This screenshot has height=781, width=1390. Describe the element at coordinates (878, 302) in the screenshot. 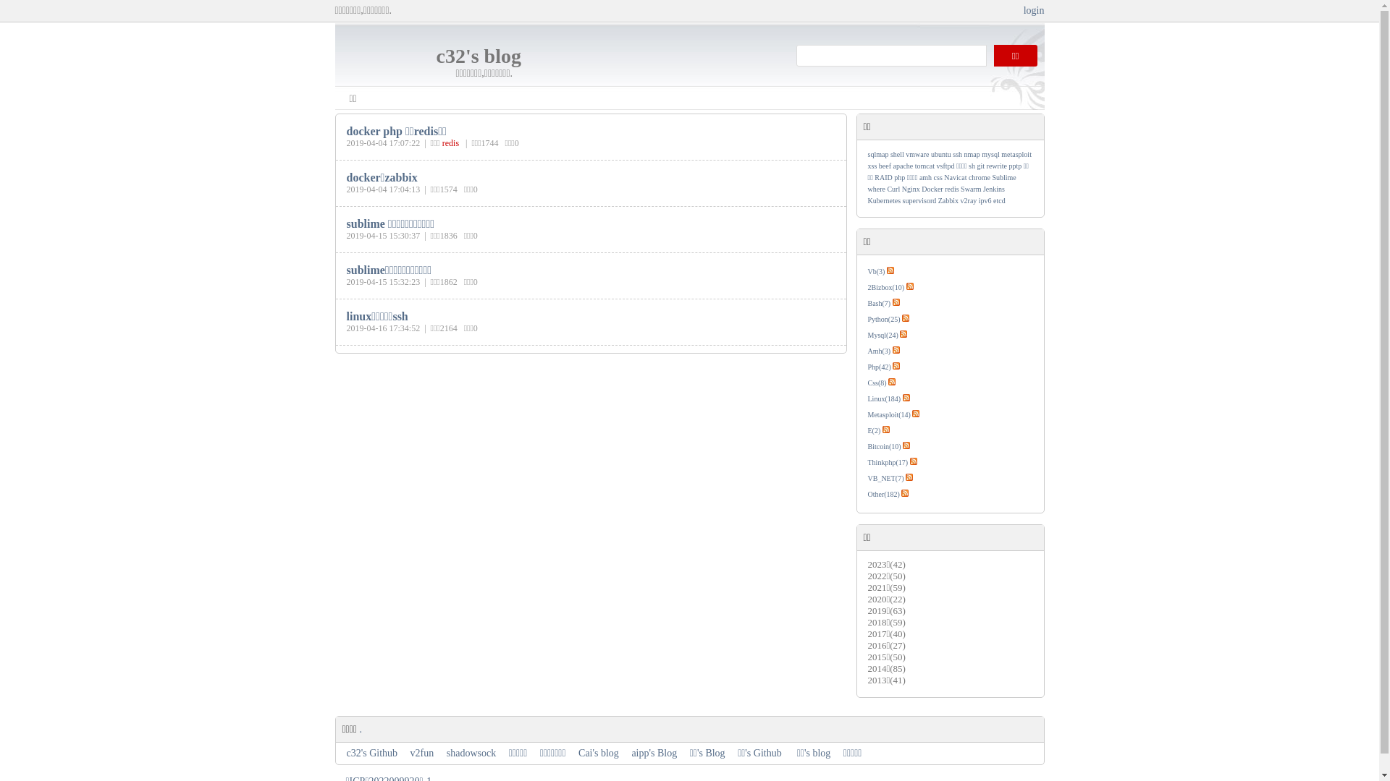

I see `'Bash(7)'` at that location.